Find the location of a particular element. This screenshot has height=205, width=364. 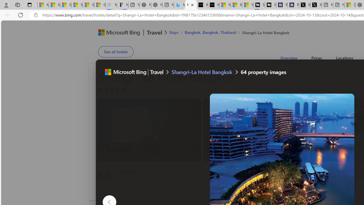

'Streaming Coverage | T3' is located at coordinates (259, 5).